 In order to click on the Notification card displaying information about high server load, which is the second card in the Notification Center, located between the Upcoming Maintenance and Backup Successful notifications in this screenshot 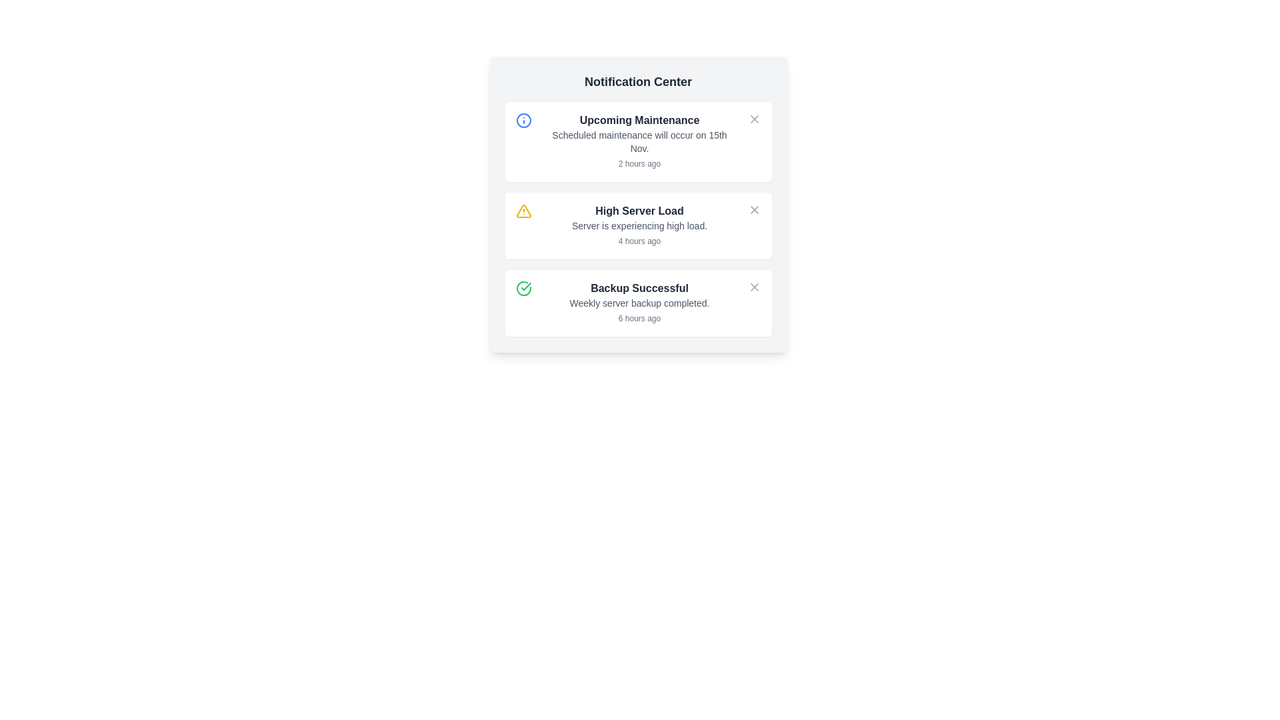, I will do `click(637, 218)`.